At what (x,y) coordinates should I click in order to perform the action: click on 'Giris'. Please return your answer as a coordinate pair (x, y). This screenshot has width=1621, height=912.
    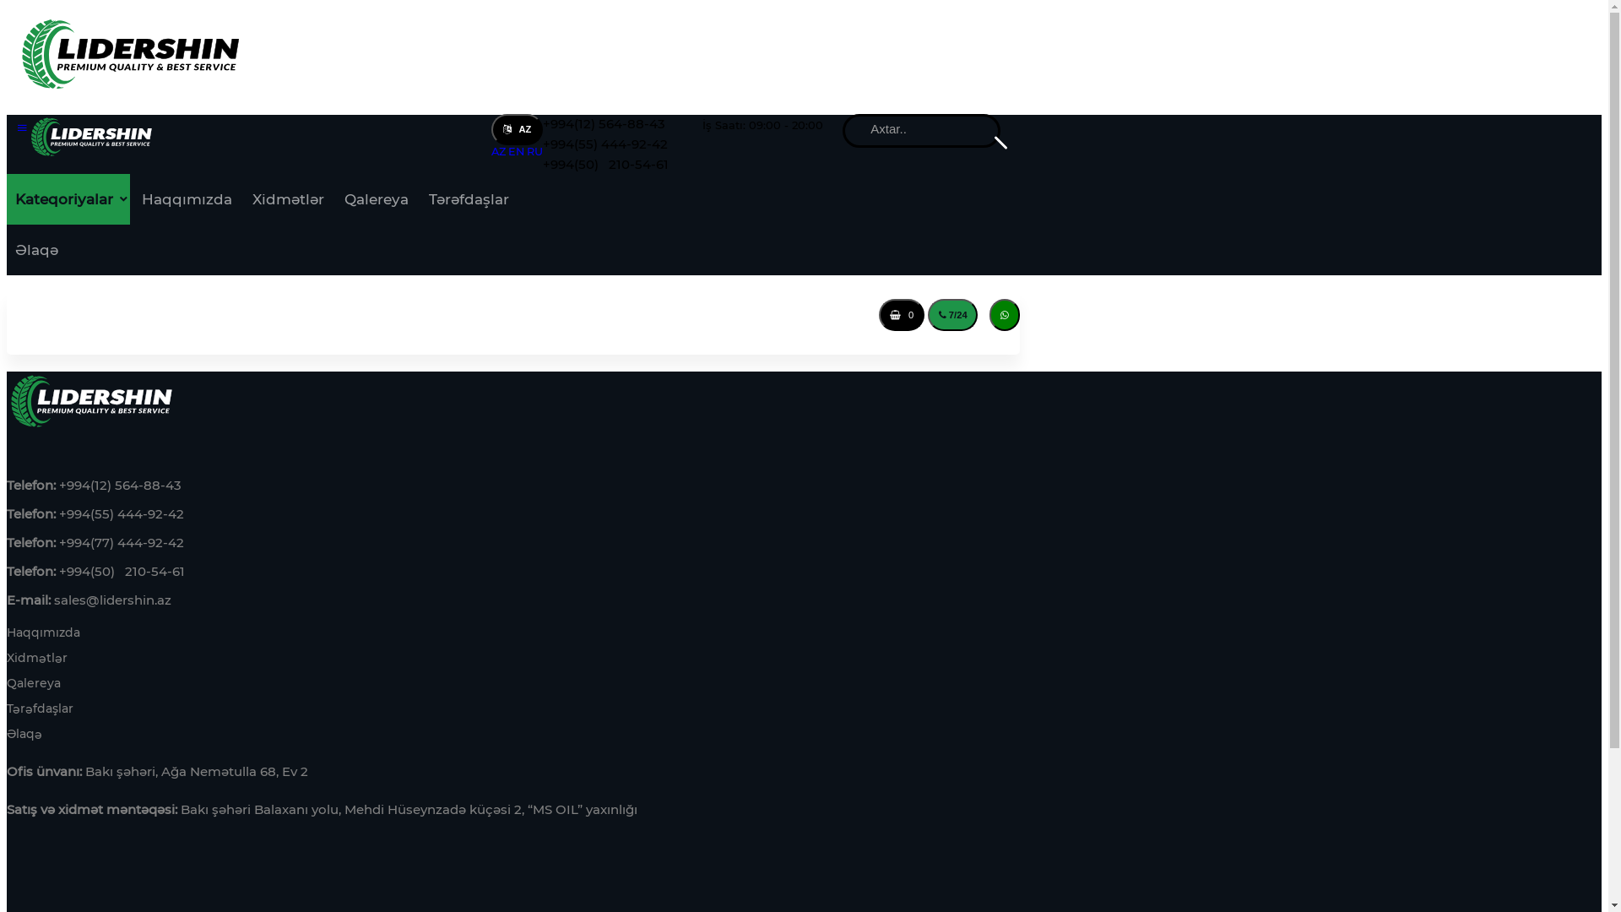
    Looking at the image, I should click on (775, 312).